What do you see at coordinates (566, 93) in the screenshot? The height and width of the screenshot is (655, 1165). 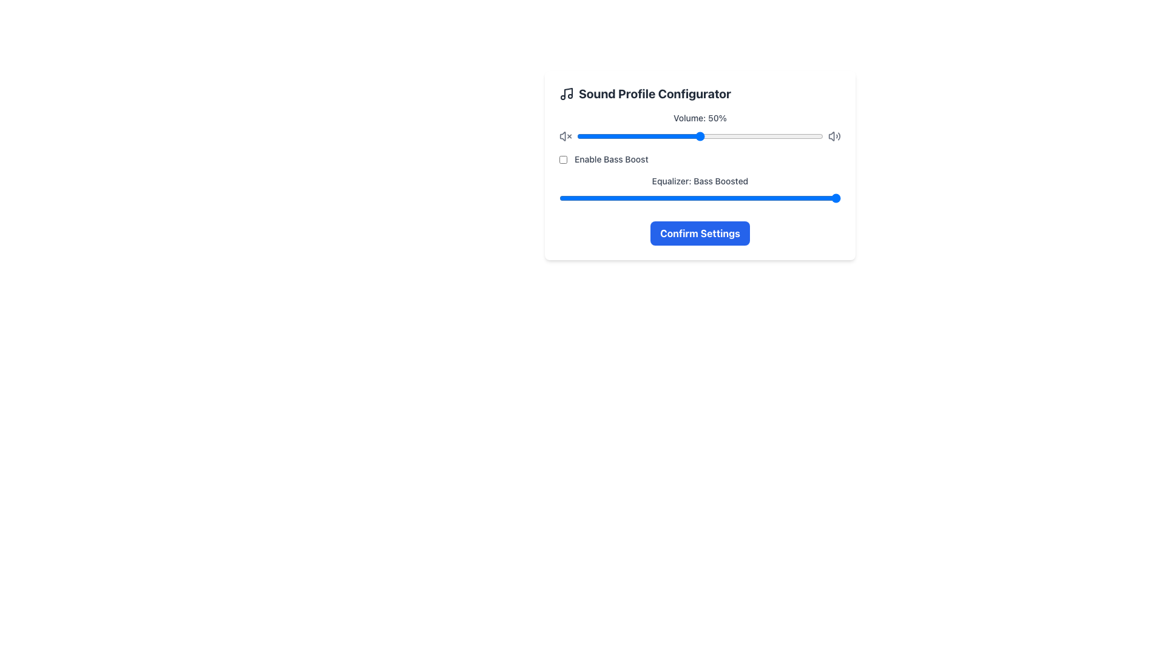 I see `the audio-related features icon located to the left of the 'Sound Profile Configurator' text in the application's header area` at bounding box center [566, 93].